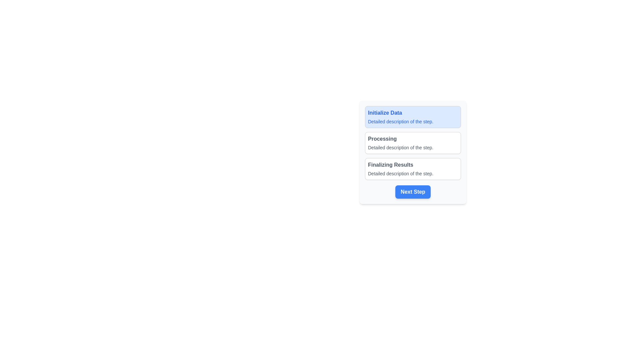 This screenshot has width=640, height=360. Describe the element at coordinates (412, 152) in the screenshot. I see `the 'Processing' text description block, which has a white background, rounded edges, and displays 'Processing' in a bold, larger font` at that location.